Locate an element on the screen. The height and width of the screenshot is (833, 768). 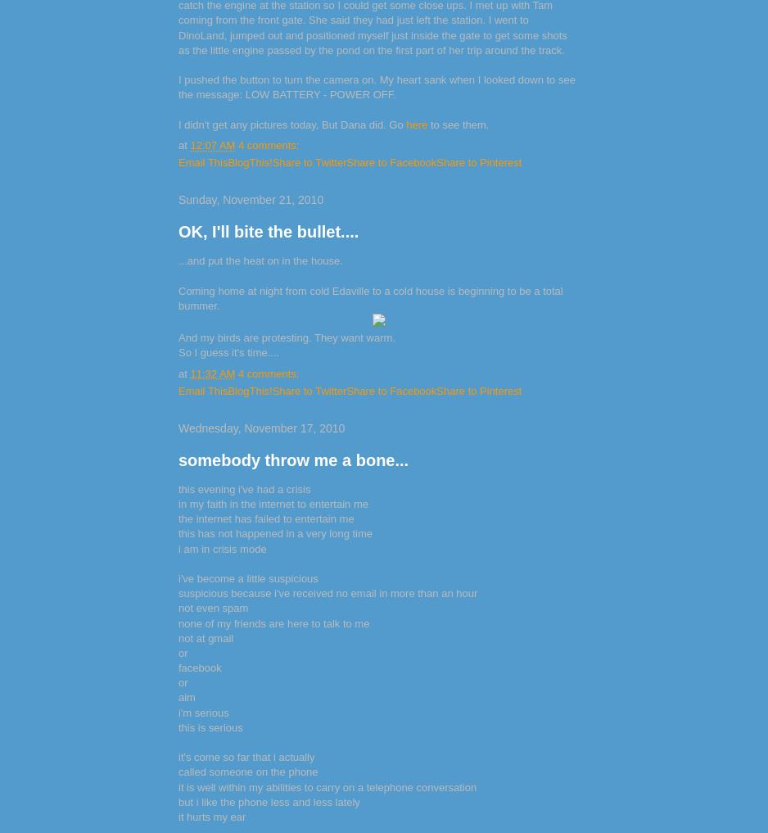
'i'm serious' is located at coordinates (202, 712).